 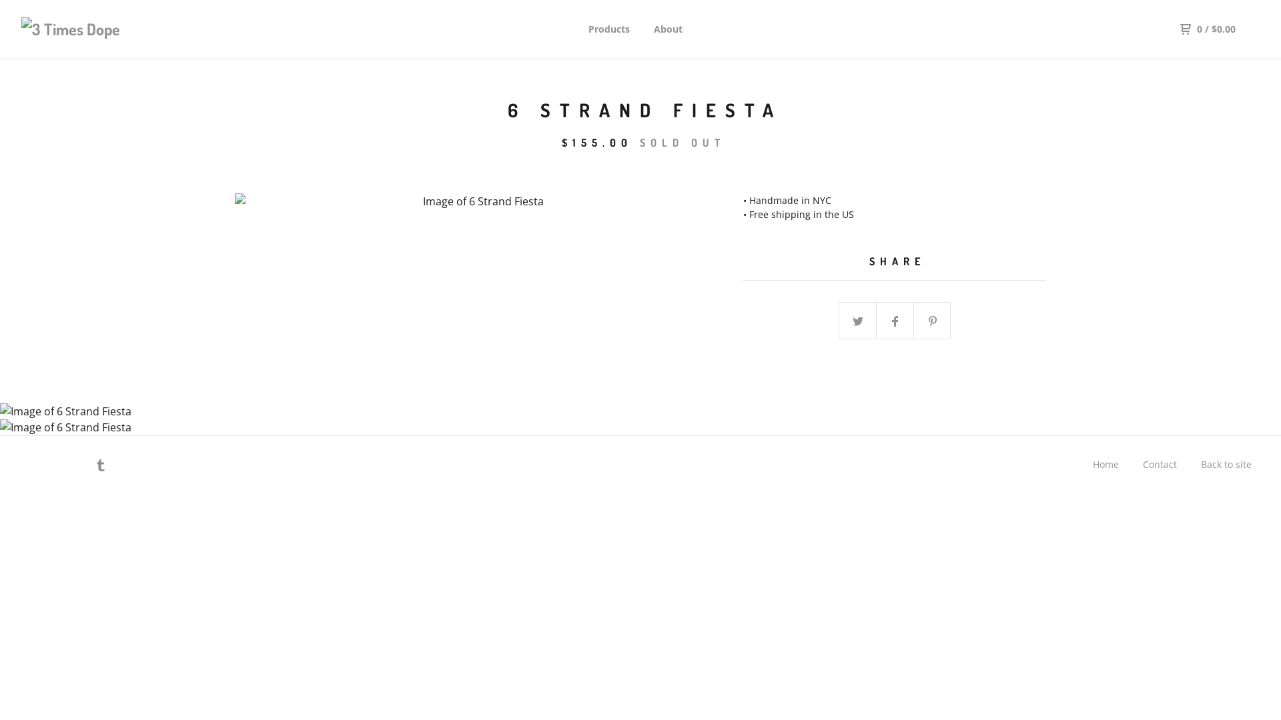 What do you see at coordinates (1159, 463) in the screenshot?
I see `'Contact'` at bounding box center [1159, 463].